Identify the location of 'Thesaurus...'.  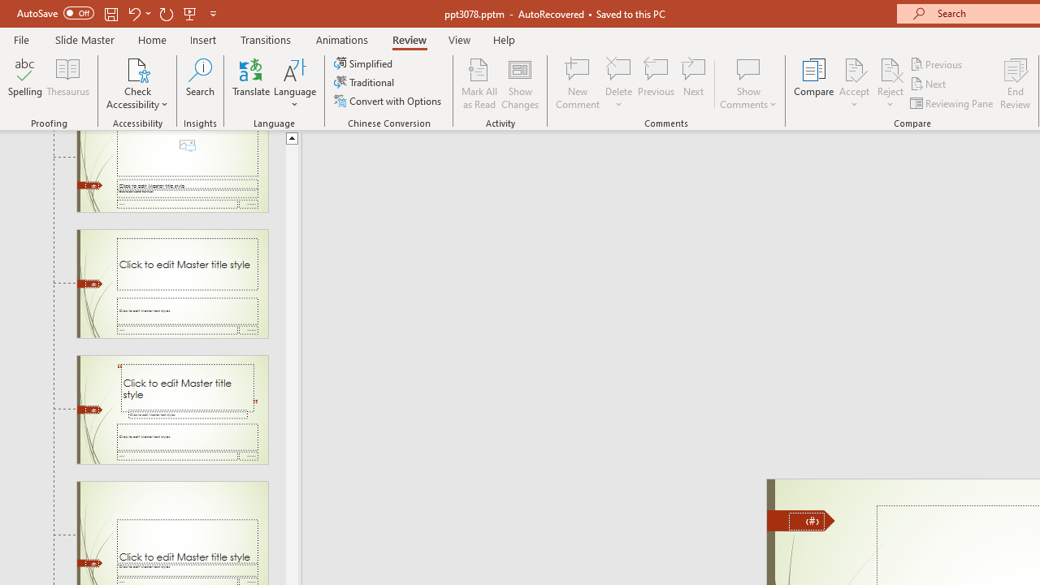
(67, 84).